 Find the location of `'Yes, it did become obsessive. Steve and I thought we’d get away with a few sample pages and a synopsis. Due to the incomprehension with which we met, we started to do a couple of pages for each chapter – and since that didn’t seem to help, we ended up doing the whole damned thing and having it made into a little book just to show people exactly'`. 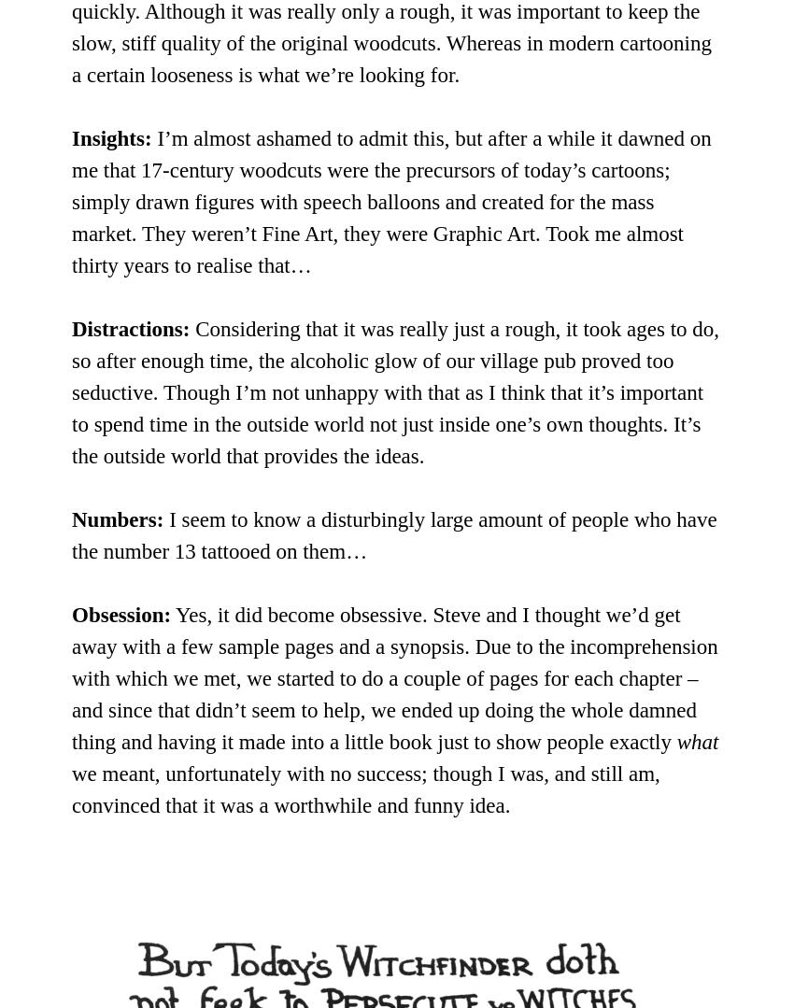

'Yes, it did become obsessive. Steve and I thought we’d get away with a few sample pages and a synopsis. Due to the incomprehension with which we met, we started to do a couple of pages for each chapter – and since that didn’t seem to help, we ended up doing the whole damned thing and having it made into a little book just to show people exactly' is located at coordinates (72, 677).